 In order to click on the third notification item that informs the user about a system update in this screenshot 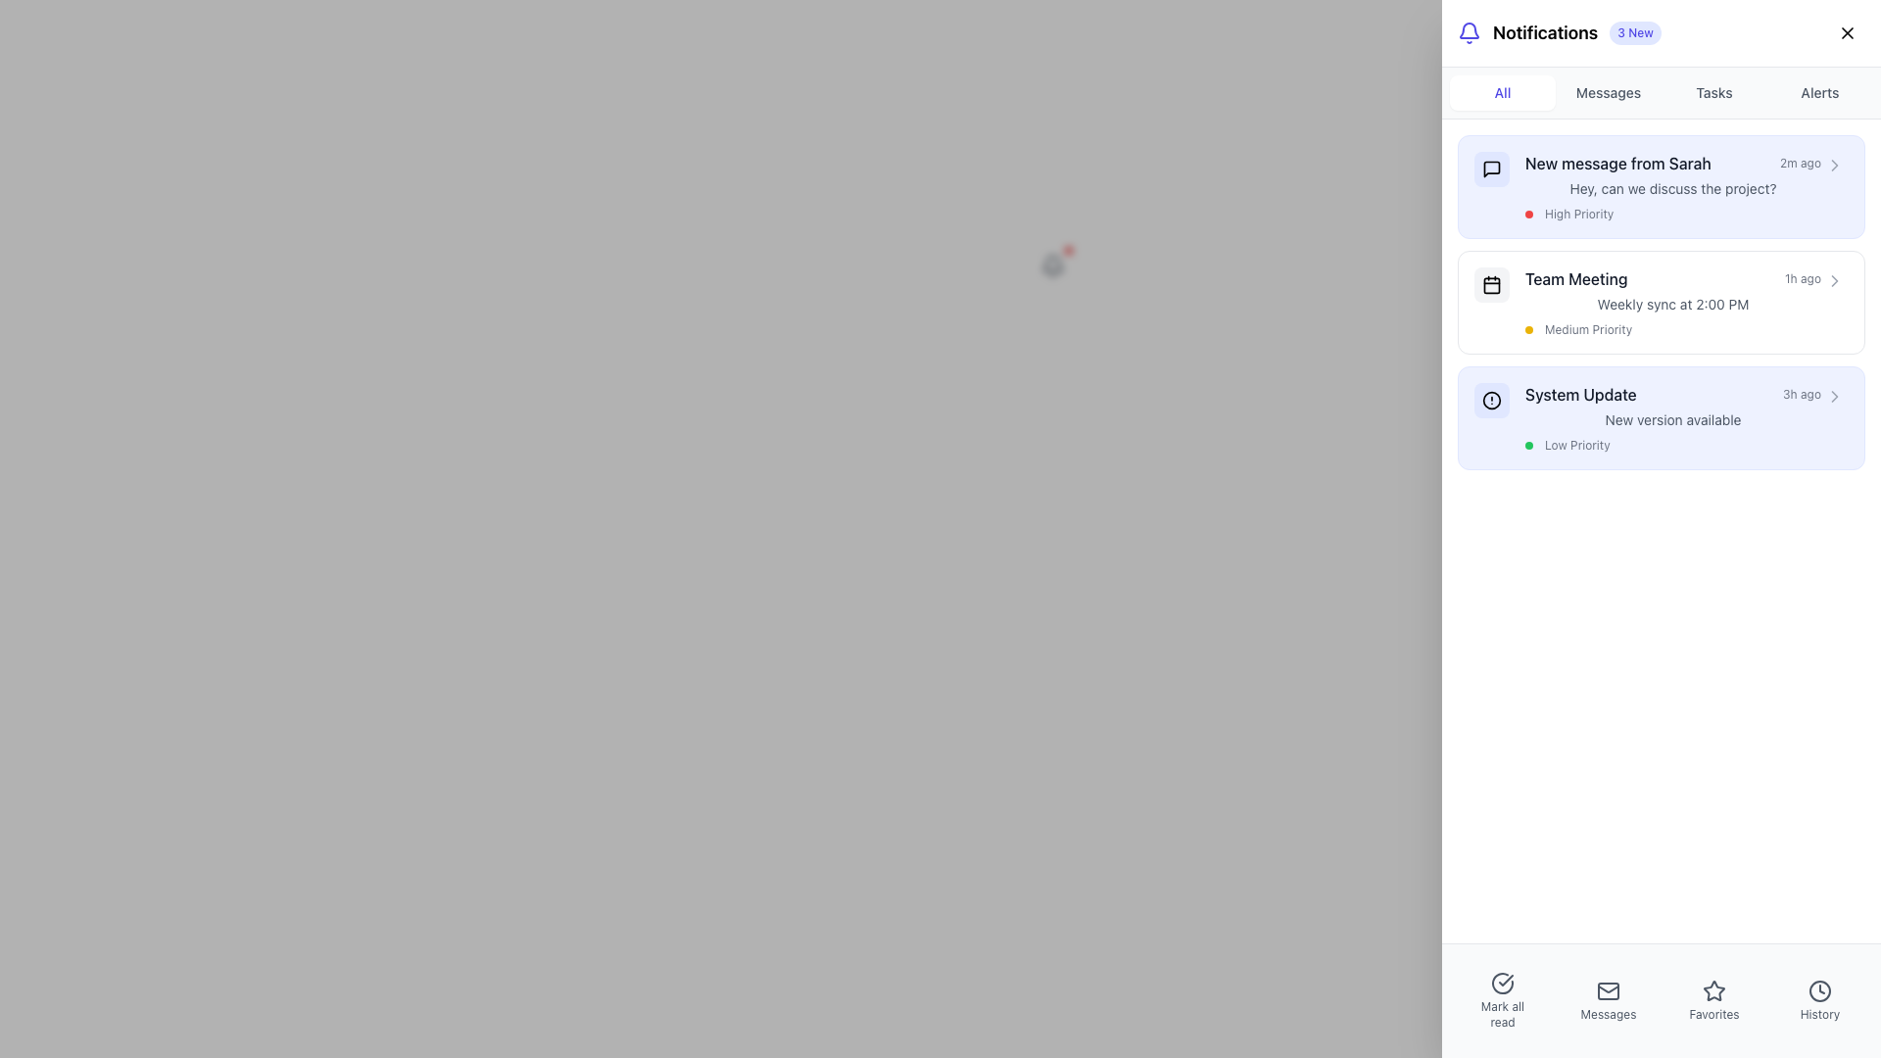, I will do `click(1672, 417)`.